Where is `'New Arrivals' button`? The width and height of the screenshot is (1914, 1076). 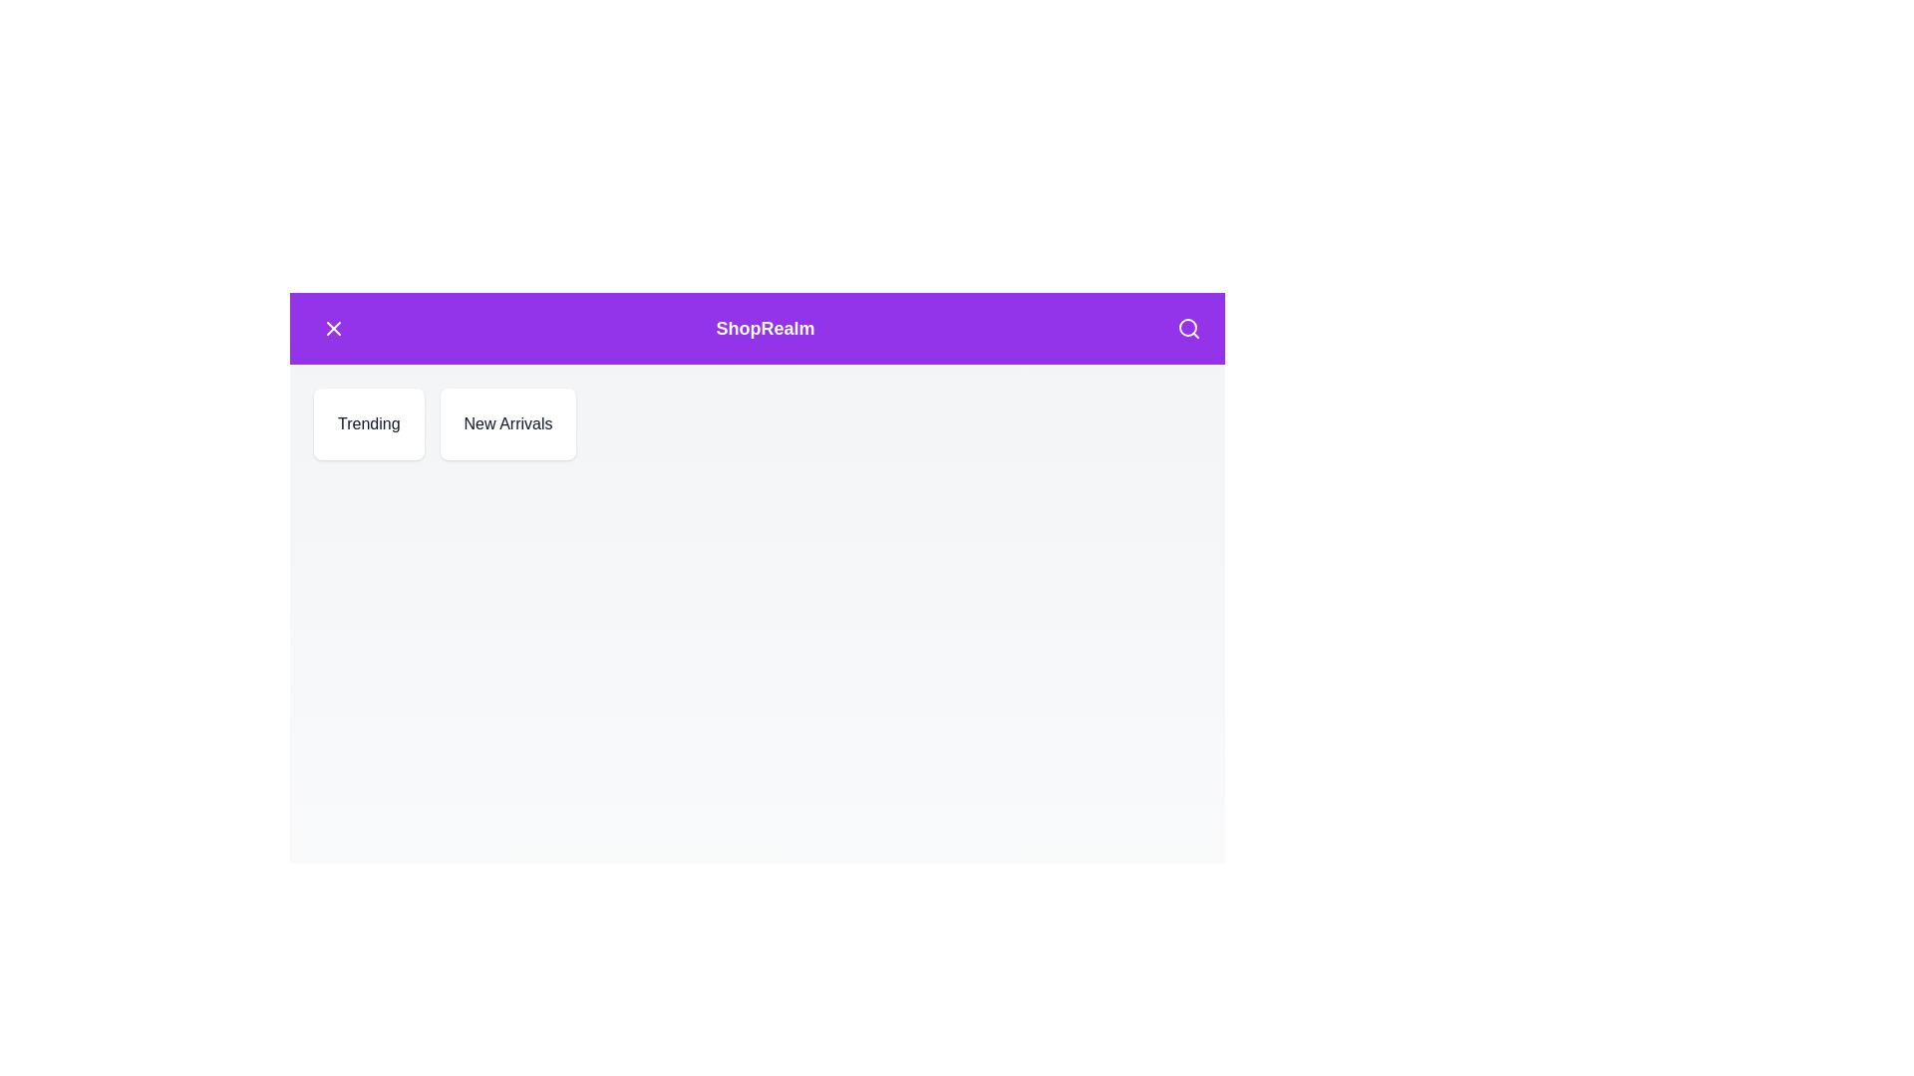
'New Arrivals' button is located at coordinates (507, 422).